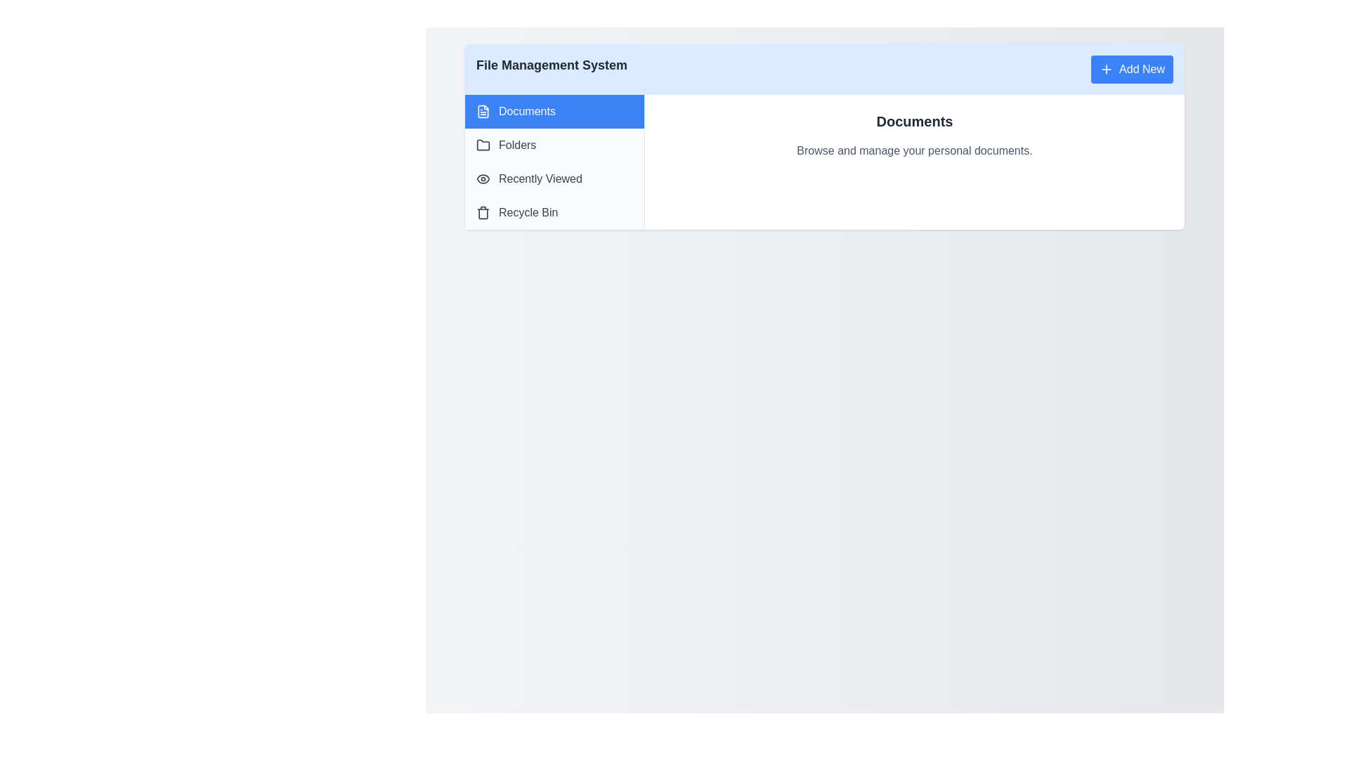  Describe the element at coordinates (483, 178) in the screenshot. I see `the eye-shaped icon in the sidebar menu next to 'Recently Viewed'` at that location.